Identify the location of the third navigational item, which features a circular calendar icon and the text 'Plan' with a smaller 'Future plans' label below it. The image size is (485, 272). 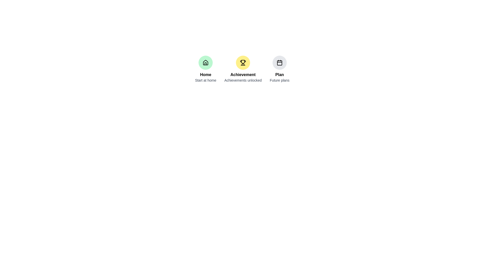
(279, 69).